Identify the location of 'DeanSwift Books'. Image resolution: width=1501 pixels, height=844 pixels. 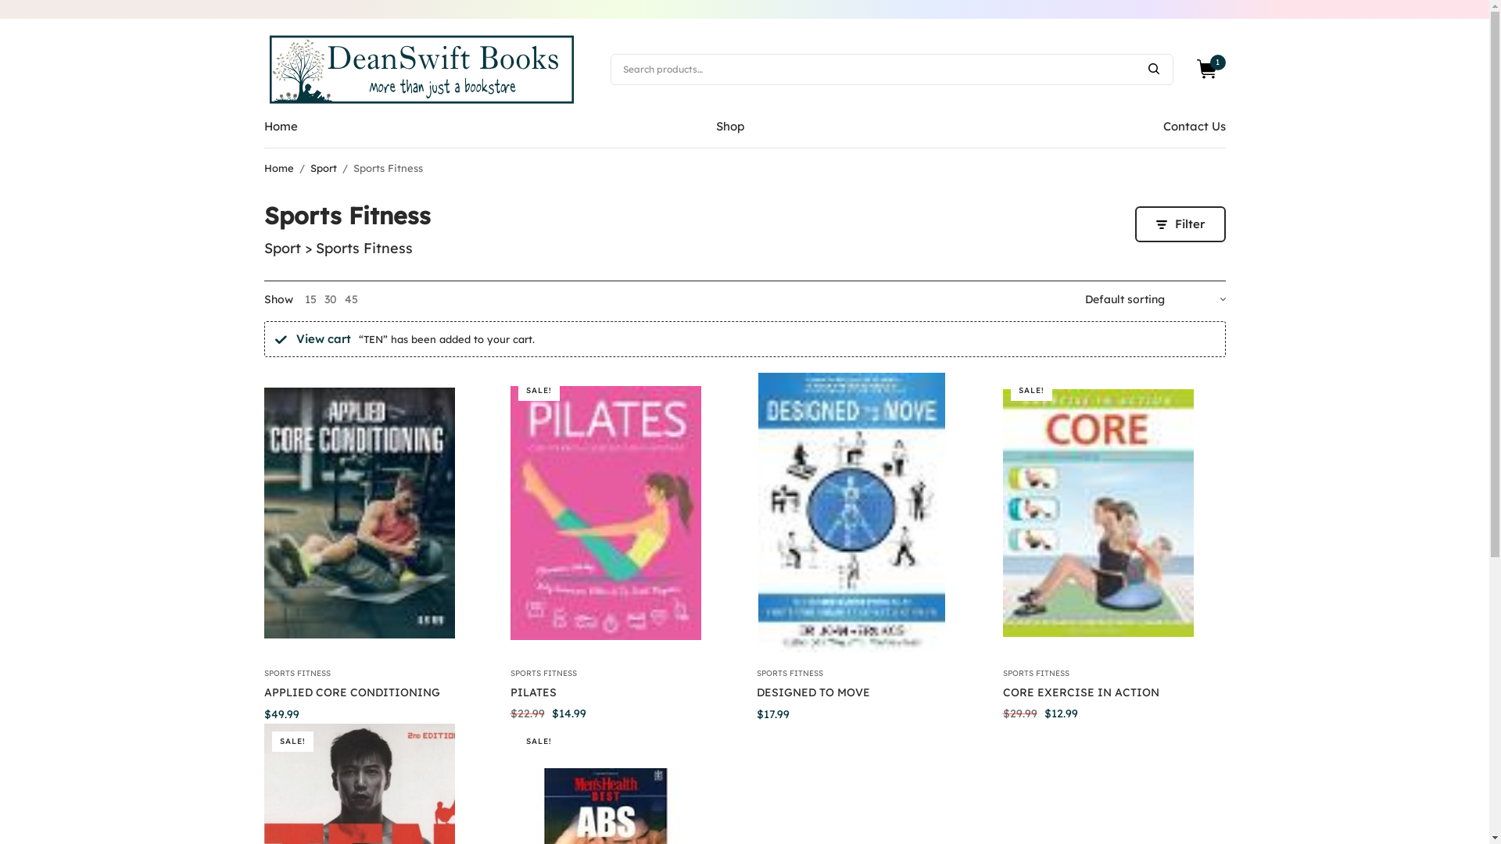
(263, 68).